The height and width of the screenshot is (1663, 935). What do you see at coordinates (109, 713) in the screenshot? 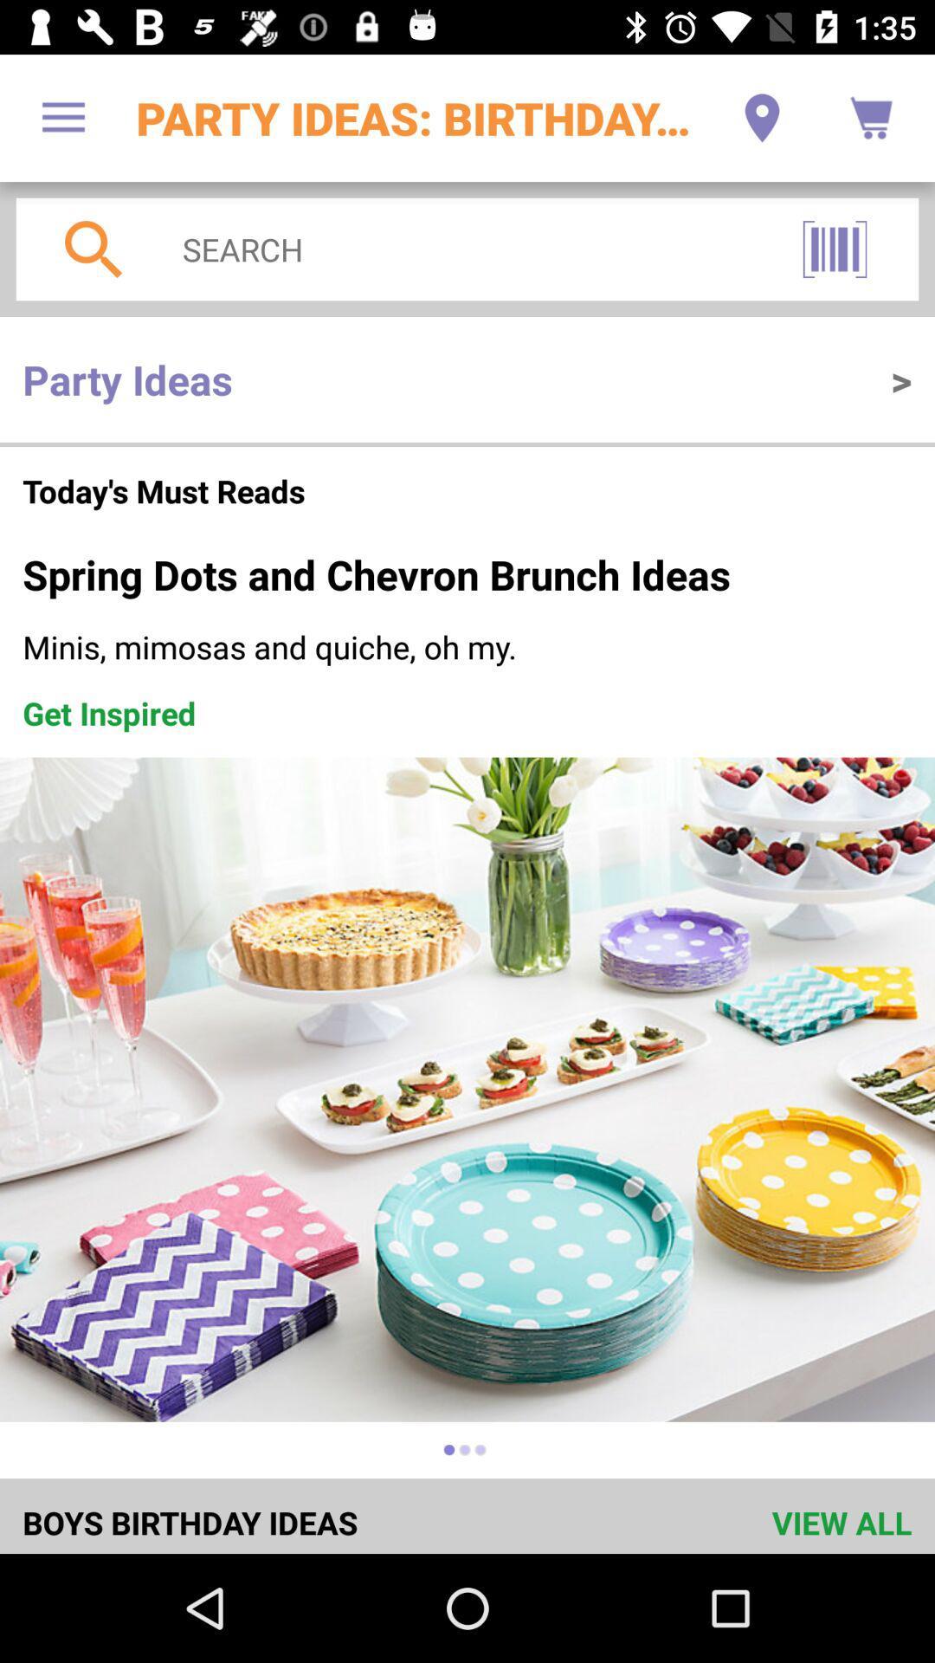
I see `item on the left` at bounding box center [109, 713].